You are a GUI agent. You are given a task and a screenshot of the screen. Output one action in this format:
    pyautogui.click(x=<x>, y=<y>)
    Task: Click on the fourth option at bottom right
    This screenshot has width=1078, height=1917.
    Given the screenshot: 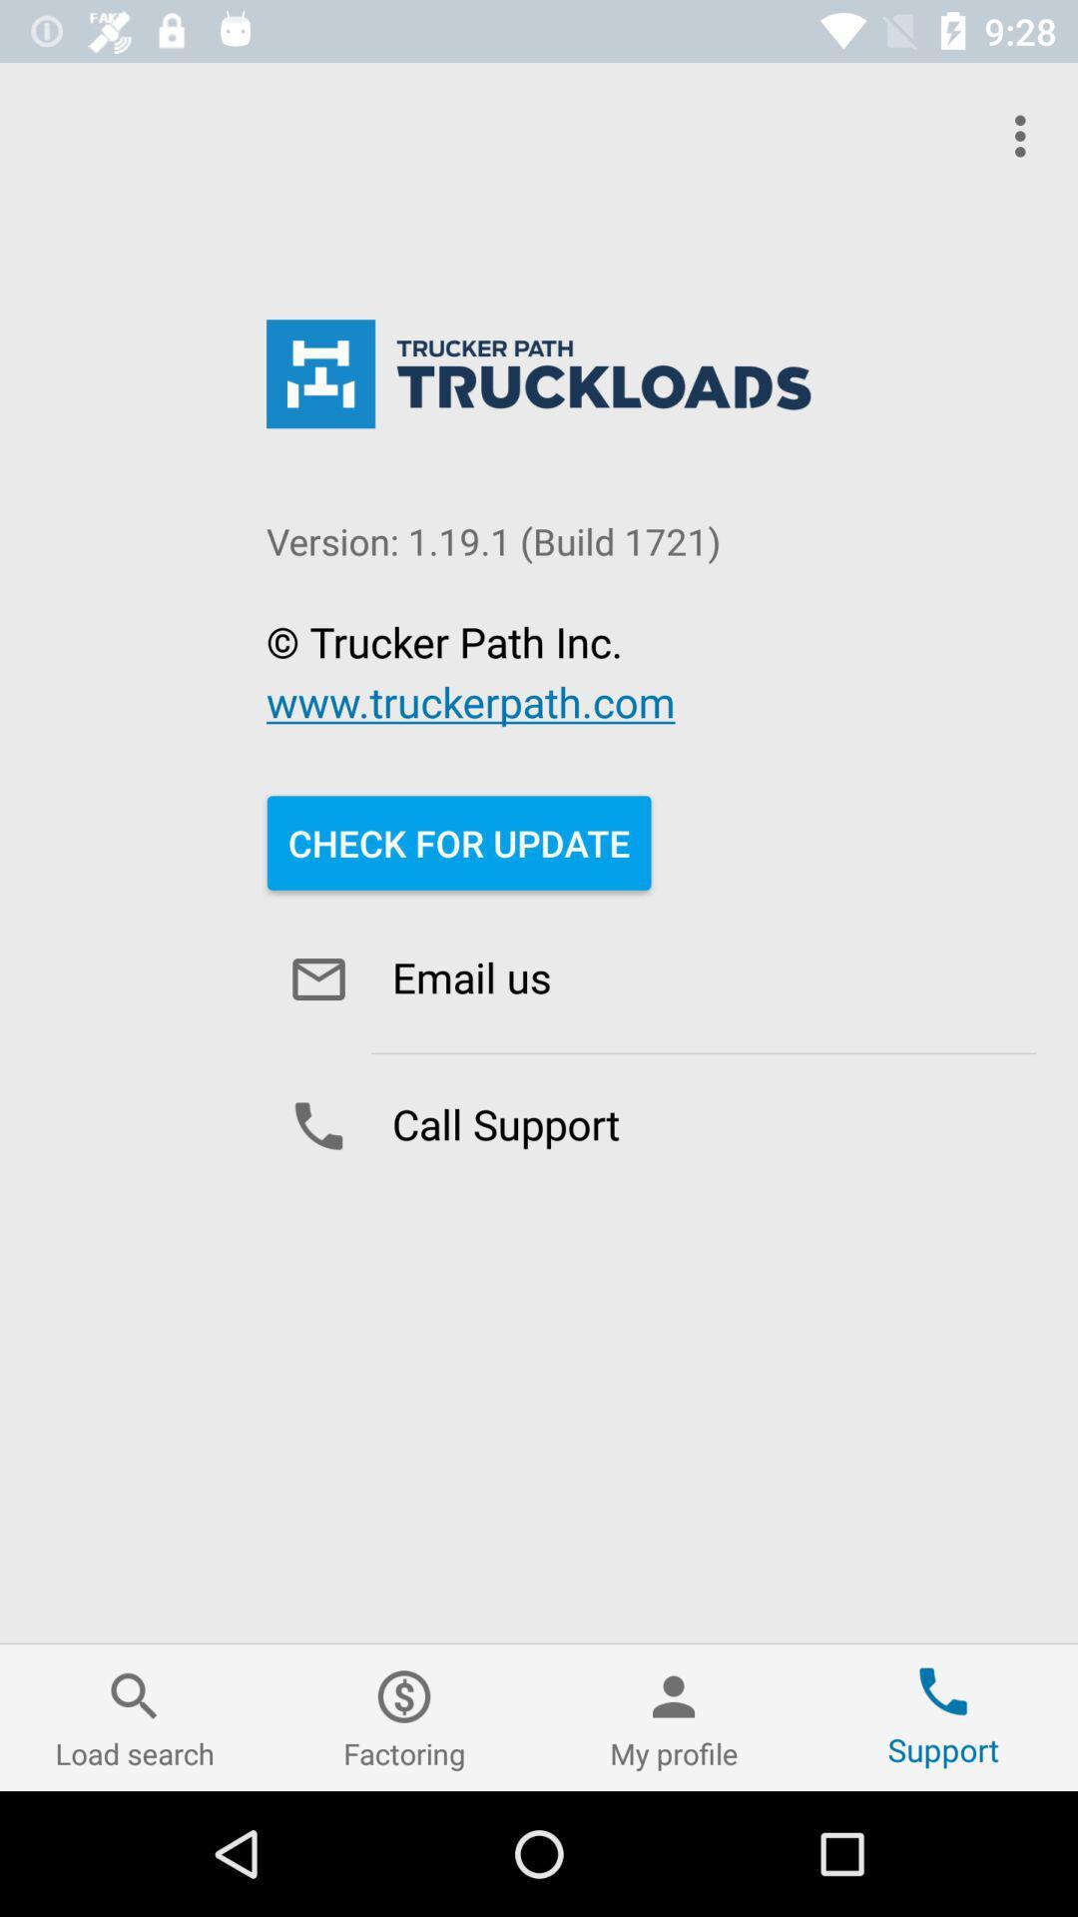 What is the action you would take?
    pyautogui.click(x=943, y=1716)
    